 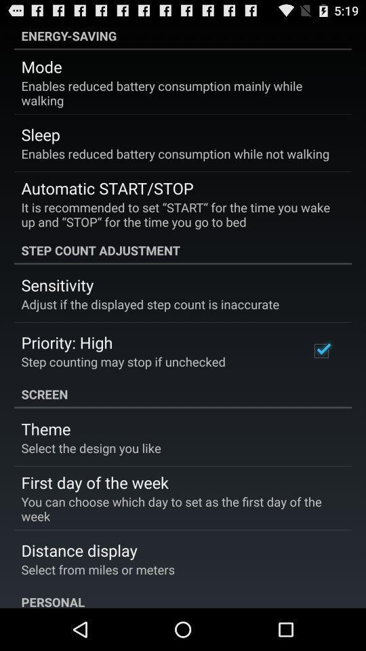 What do you see at coordinates (106, 187) in the screenshot?
I see `the automatic start/stop icon` at bounding box center [106, 187].